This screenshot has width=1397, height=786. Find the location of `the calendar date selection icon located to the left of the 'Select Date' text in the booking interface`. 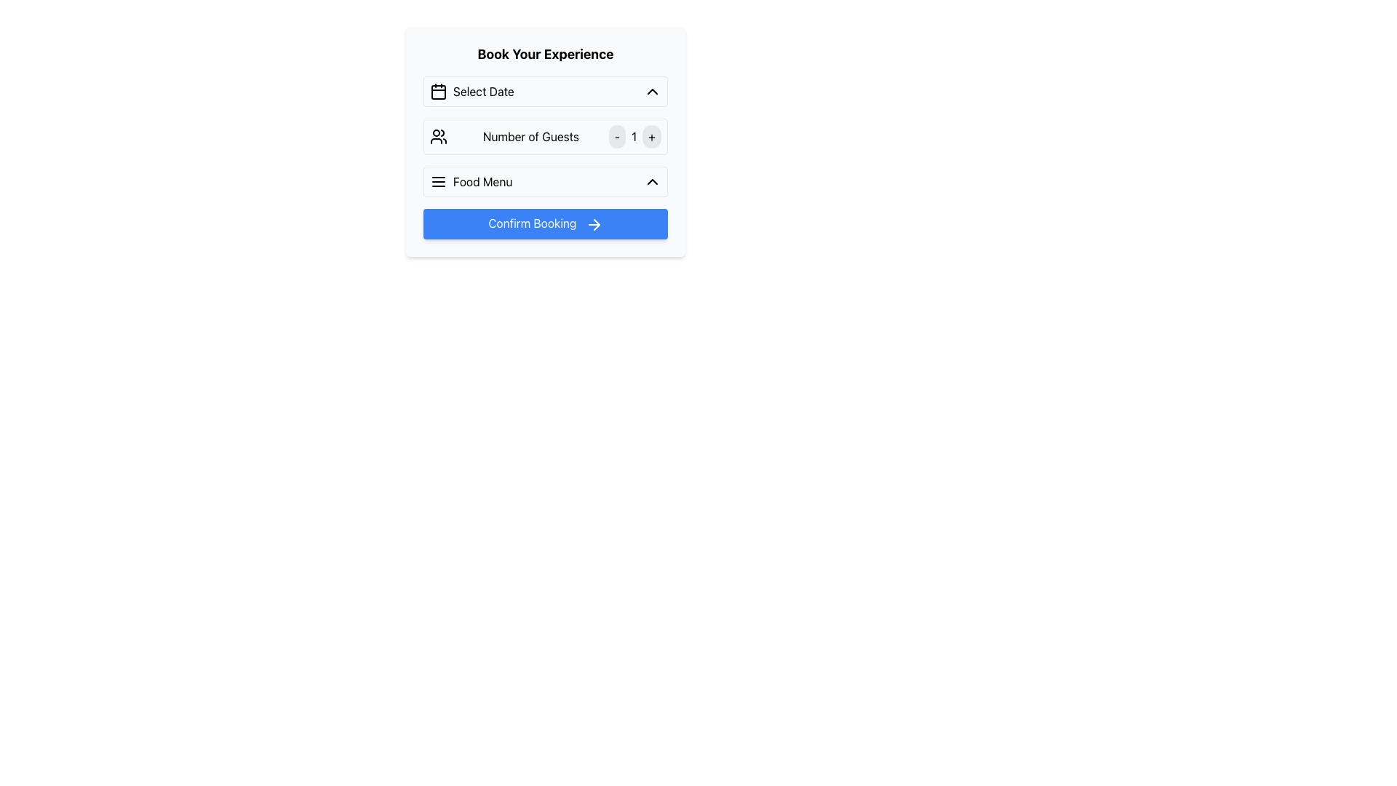

the calendar date selection icon located to the left of the 'Select Date' text in the booking interface is located at coordinates (438, 92).